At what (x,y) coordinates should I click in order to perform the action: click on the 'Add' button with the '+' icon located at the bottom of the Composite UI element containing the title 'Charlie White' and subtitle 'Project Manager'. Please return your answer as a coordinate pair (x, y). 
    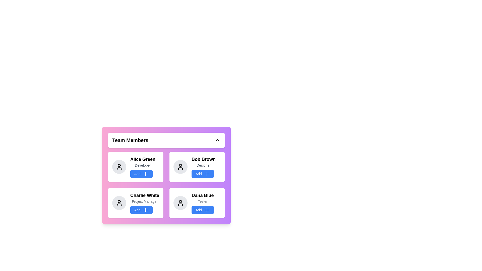
    Looking at the image, I should click on (144, 203).